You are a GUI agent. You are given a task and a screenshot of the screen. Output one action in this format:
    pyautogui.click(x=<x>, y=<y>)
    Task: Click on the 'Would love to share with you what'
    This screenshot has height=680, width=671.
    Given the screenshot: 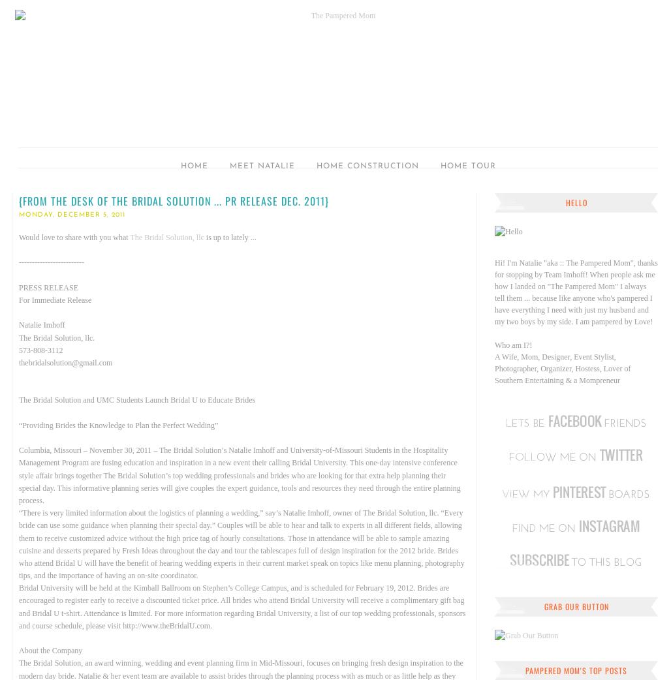 What is the action you would take?
    pyautogui.click(x=74, y=236)
    